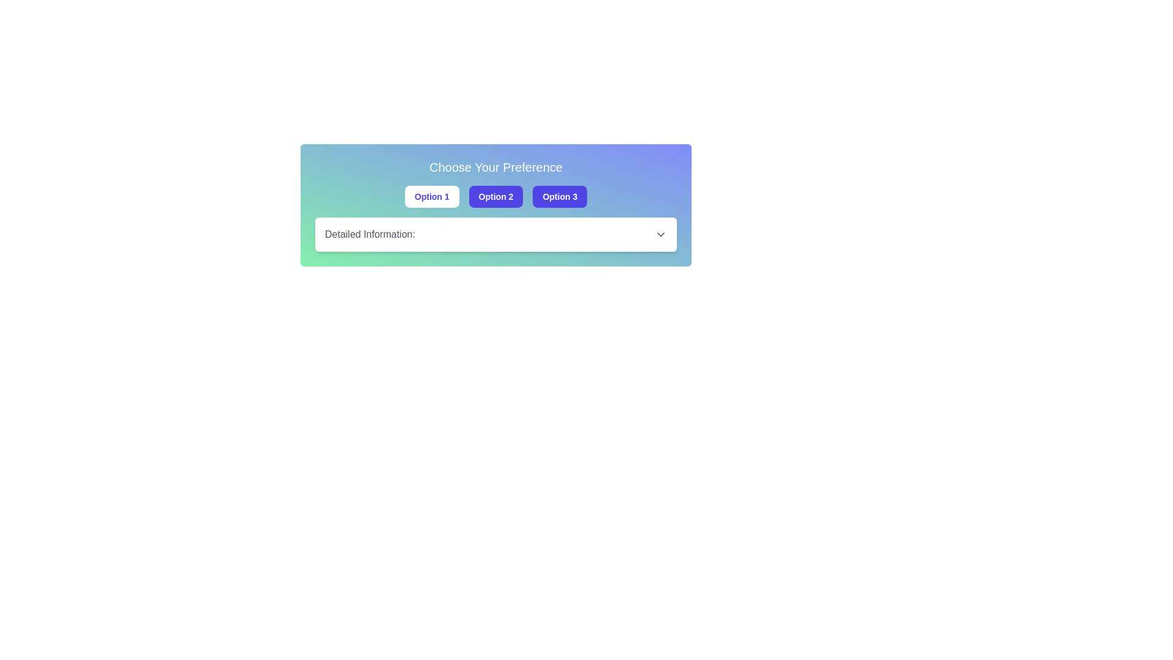 This screenshot has height=660, width=1173. What do you see at coordinates (432, 196) in the screenshot?
I see `the 'Option 1' button, which is a rectangular button with a white background and indigo text, styled in bold and slightly smaller font, located slightly left of center in a group of three buttons` at bounding box center [432, 196].